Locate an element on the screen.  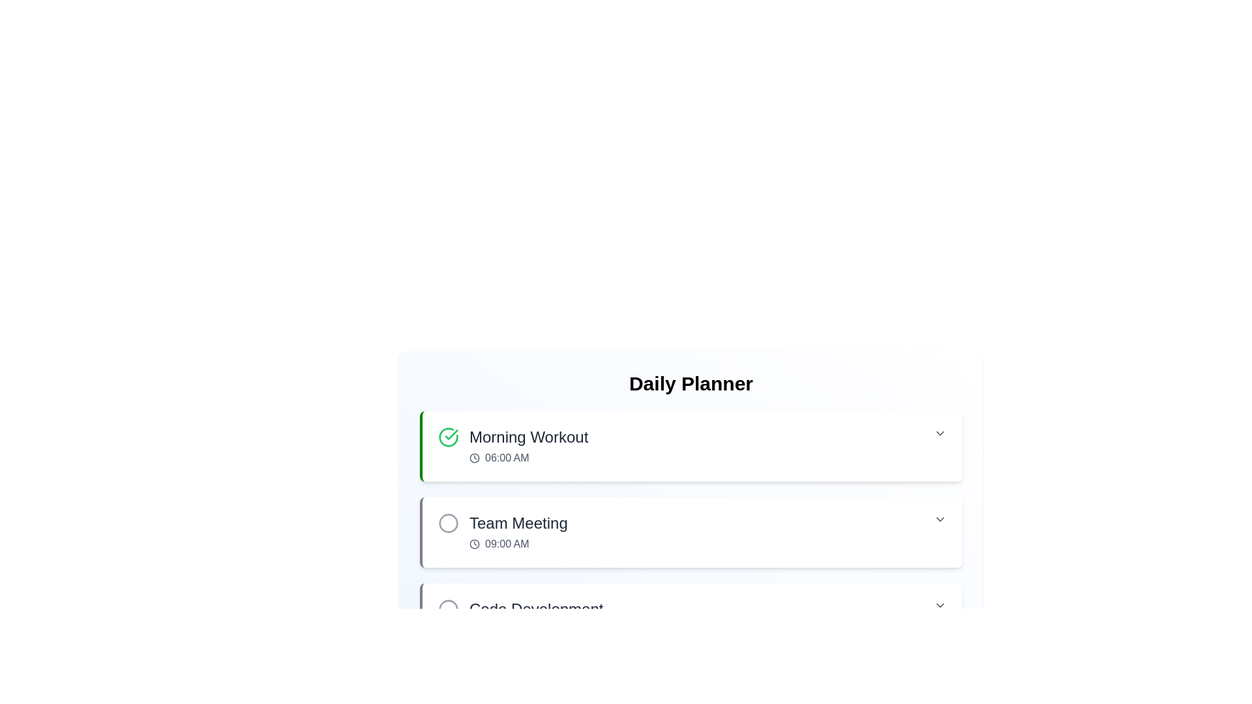
the Chevron icon on the far right side of the 'Morning Workout' section is located at coordinates (940, 433).